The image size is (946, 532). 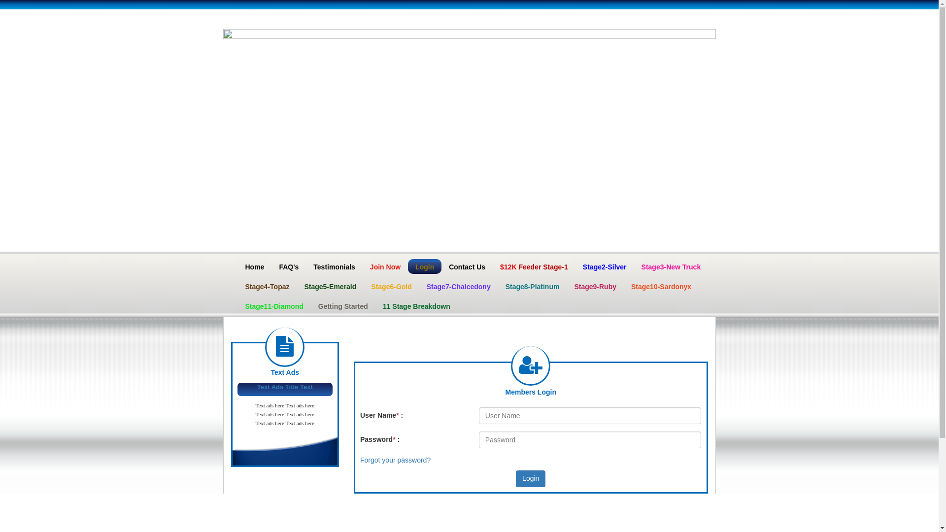 I want to click on 'FAQ's', so click(x=288, y=266).